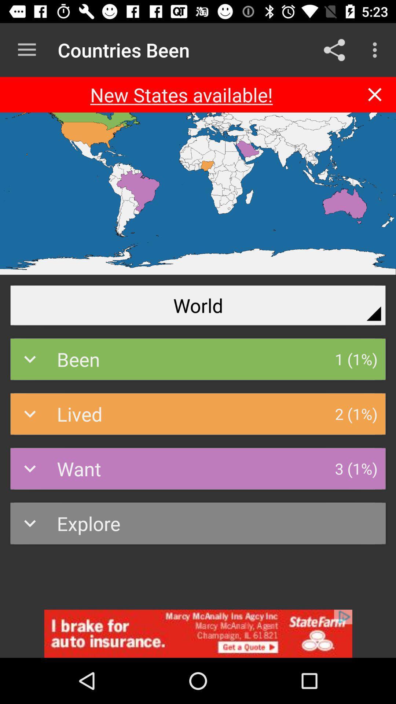 The image size is (396, 704). I want to click on click on the advertisement, so click(198, 633).